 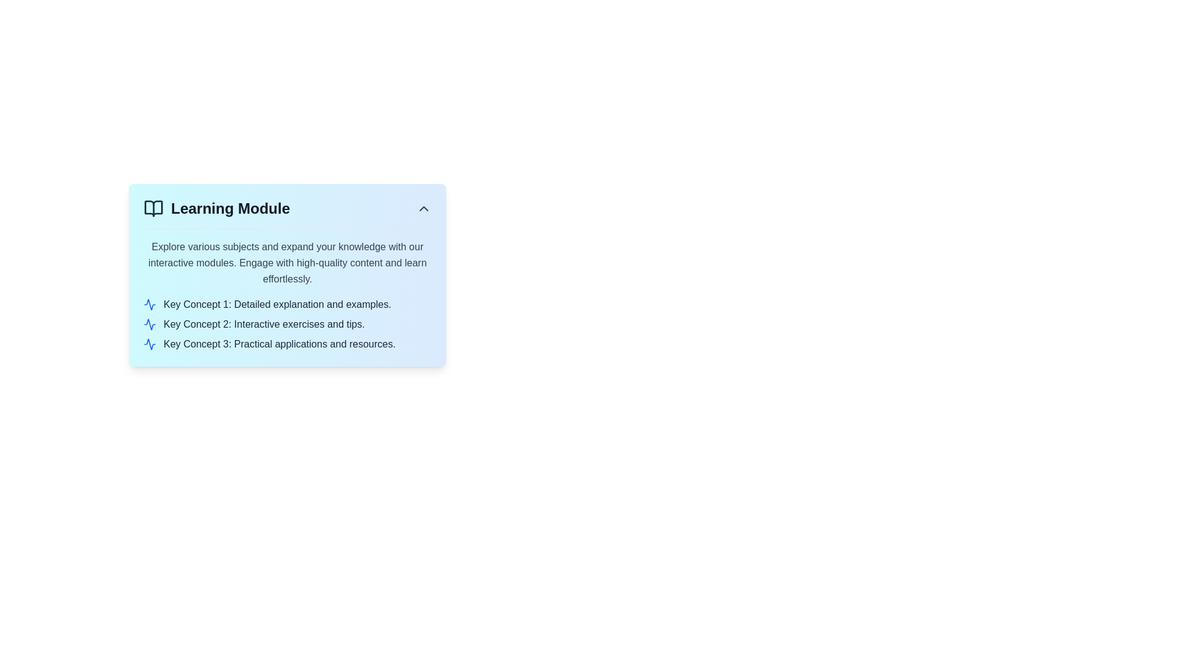 I want to click on title 'Learning Module' from the header section, which is visually represented with a bold and large font, an open book icon on the left, and an upward-facing arrow on the right, all set against a light gradient background, so click(x=287, y=208).